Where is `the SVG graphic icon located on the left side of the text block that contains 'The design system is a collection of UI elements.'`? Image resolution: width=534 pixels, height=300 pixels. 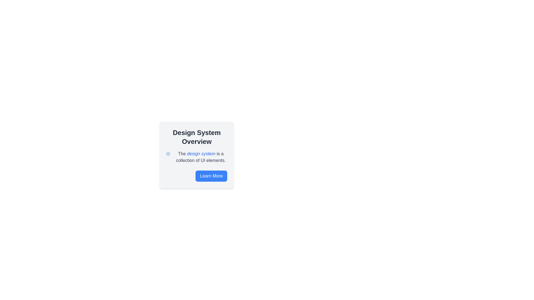 the SVG graphic icon located on the left side of the text block that contains 'The design system is a collection of UI elements.' is located at coordinates (168, 154).